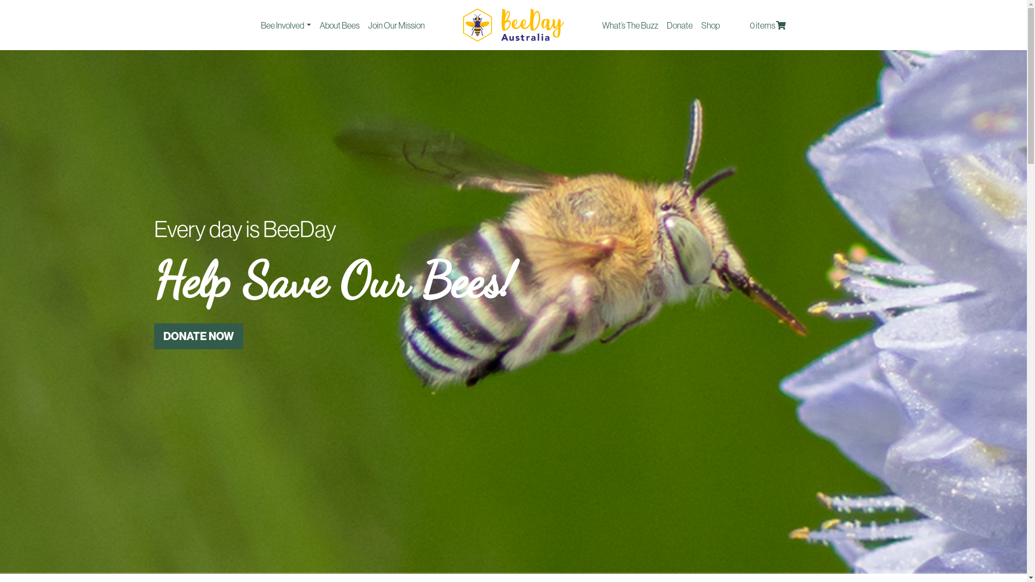 This screenshot has height=582, width=1035. I want to click on 'DONATE NOW', so click(198, 336).